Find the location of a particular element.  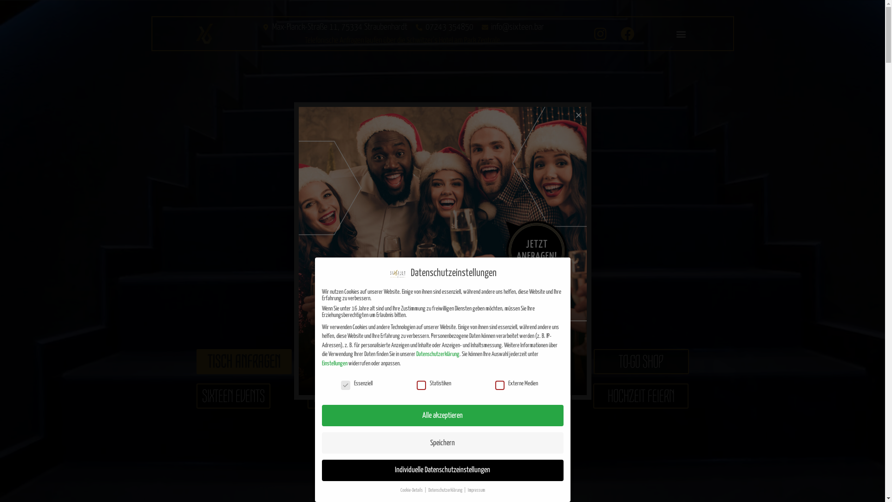

'07243 354850' is located at coordinates (443, 26).